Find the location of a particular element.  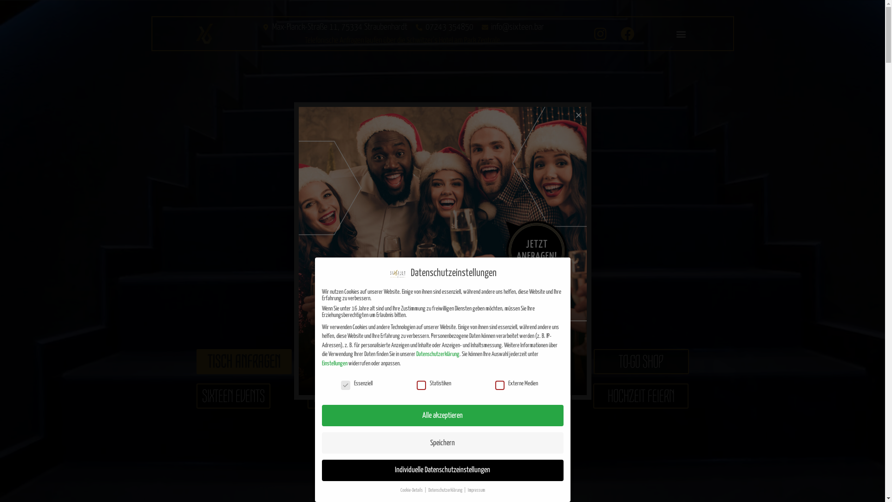

'07243 354850' is located at coordinates (443, 26).